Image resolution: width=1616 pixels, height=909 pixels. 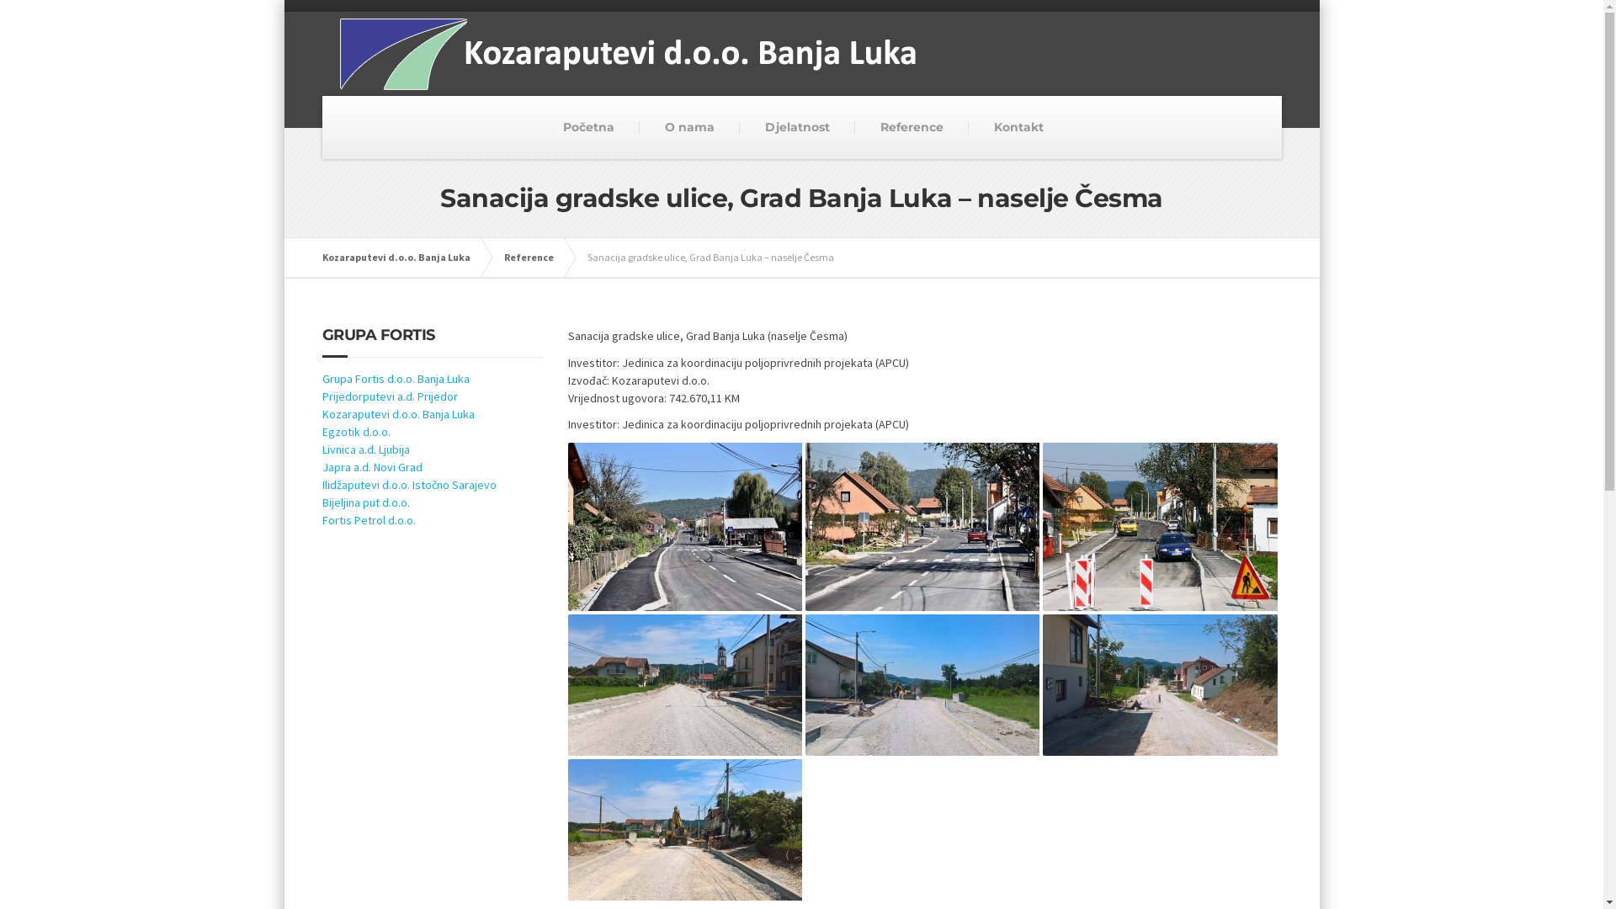 I want to click on 'Kontakt', so click(x=1018, y=126).